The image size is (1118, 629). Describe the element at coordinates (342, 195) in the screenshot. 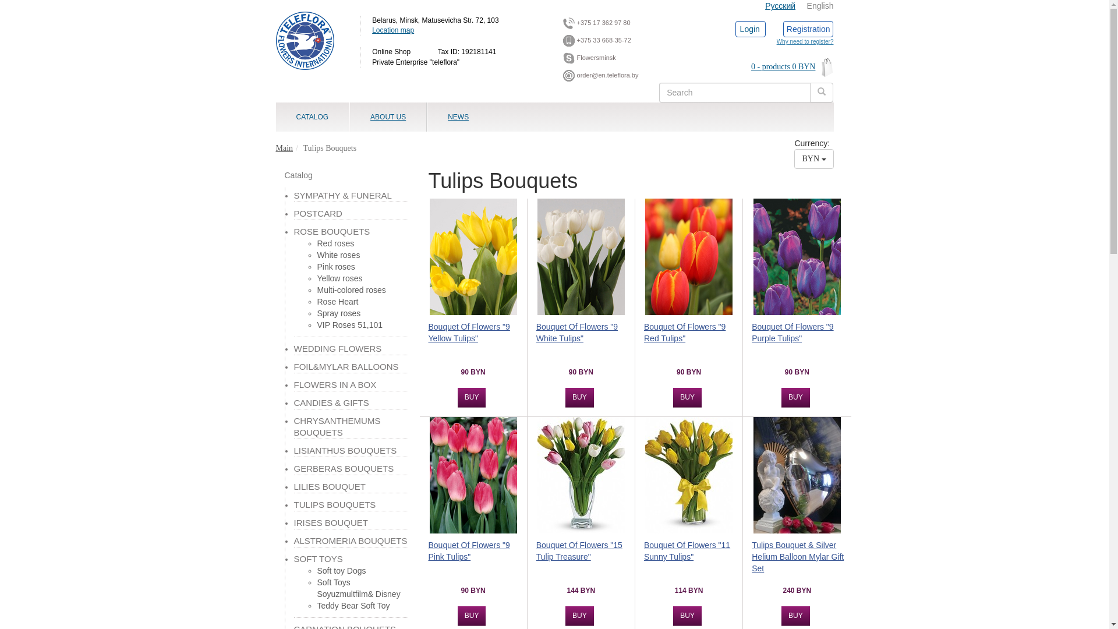

I see `'SYMPATHY & FUNERAL'` at that location.